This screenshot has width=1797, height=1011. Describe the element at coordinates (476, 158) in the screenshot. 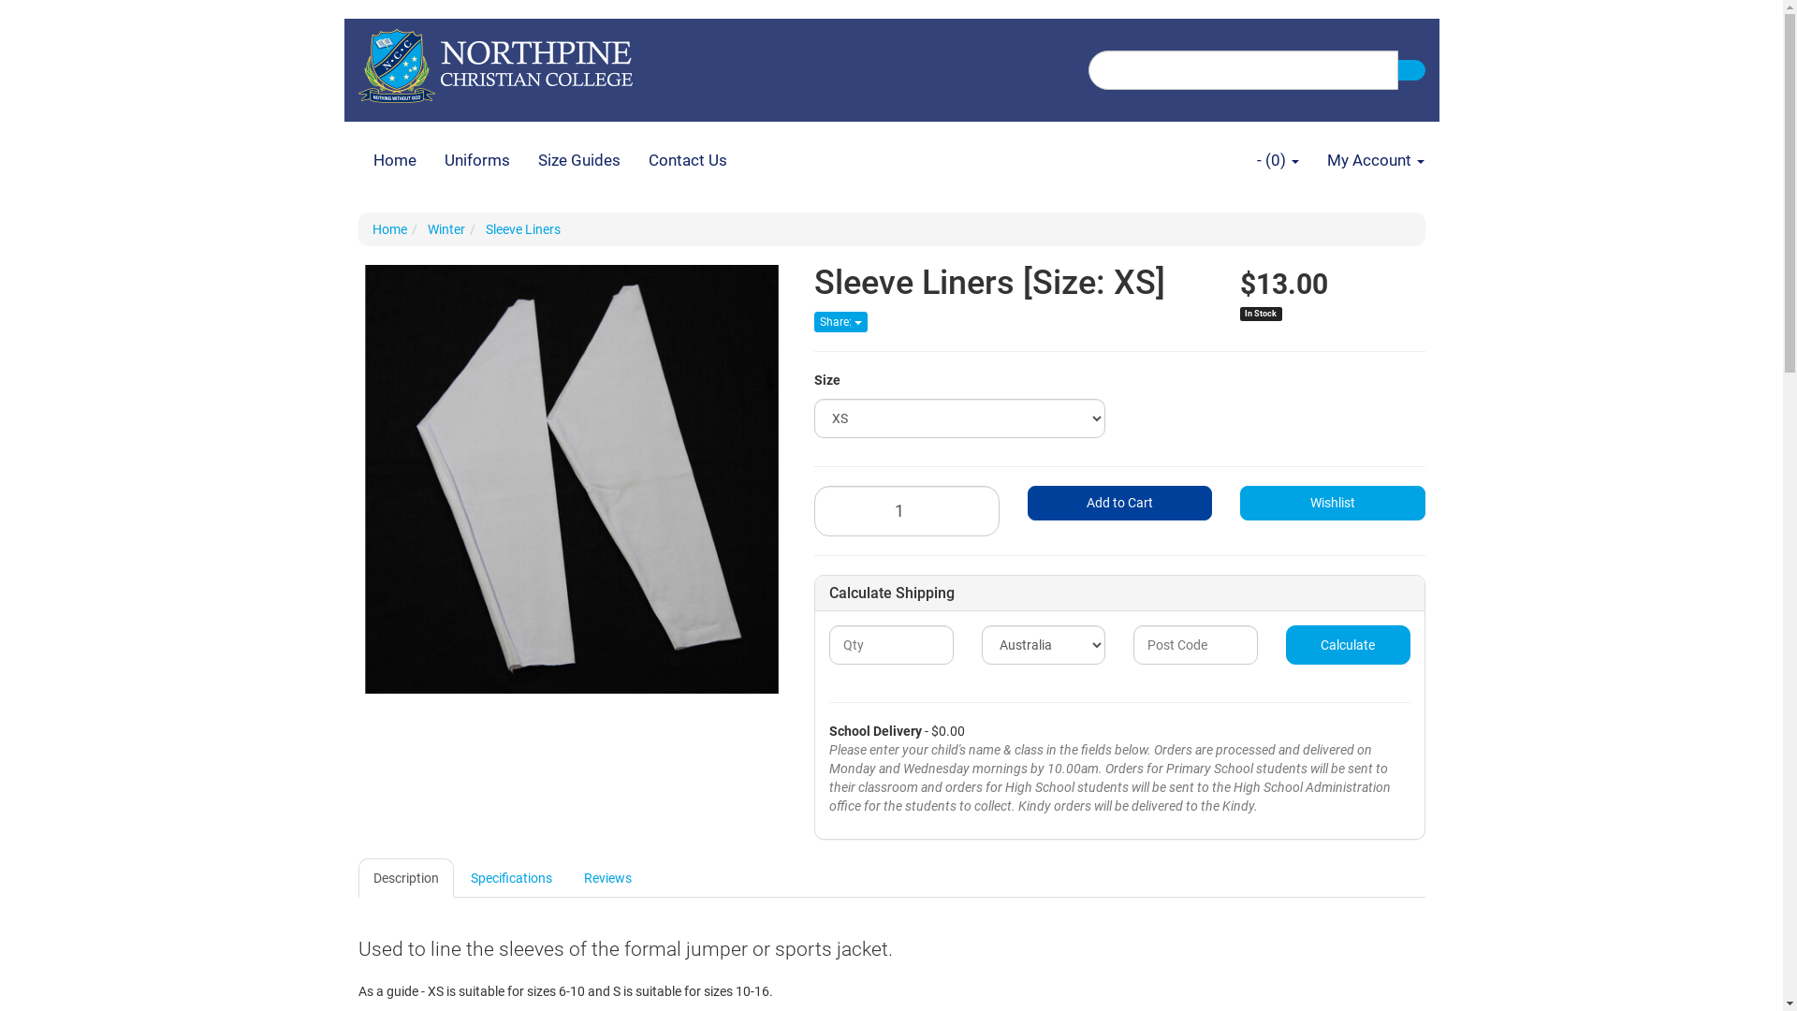

I see `'Uniforms'` at that location.